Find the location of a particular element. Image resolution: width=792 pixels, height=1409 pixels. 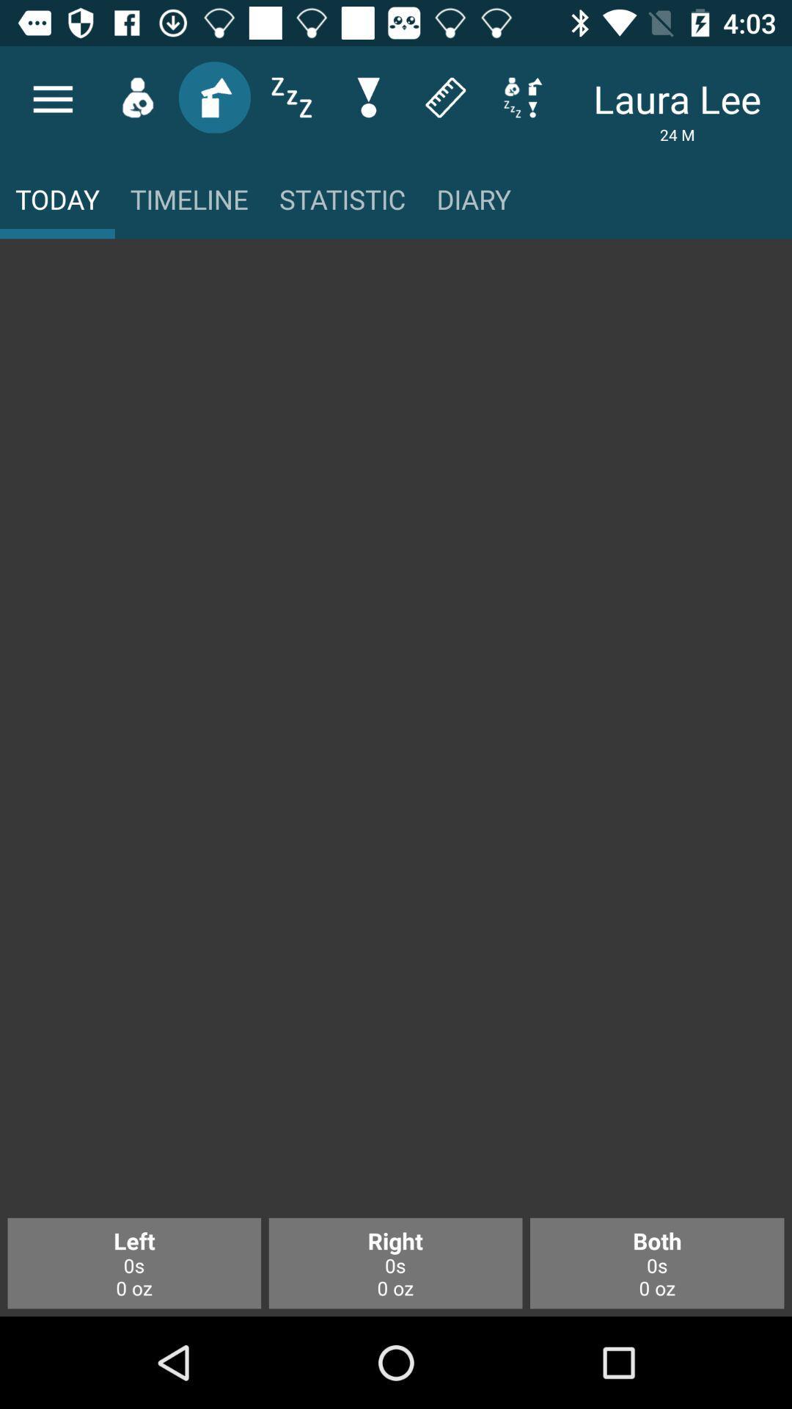

screen is located at coordinates (396, 736).